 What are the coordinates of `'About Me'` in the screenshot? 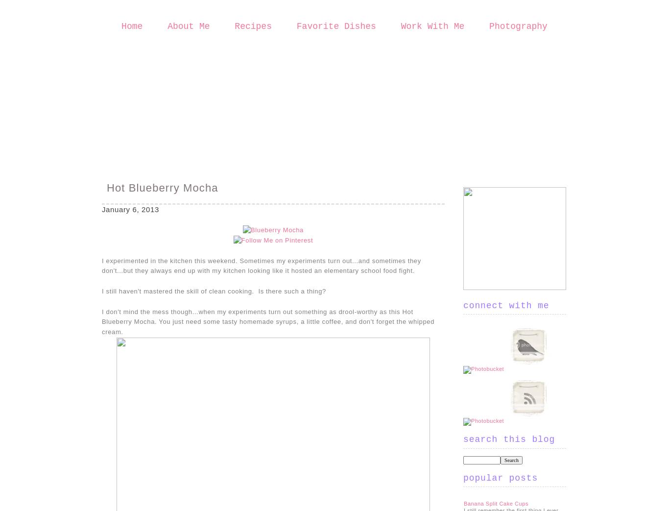 It's located at (188, 26).